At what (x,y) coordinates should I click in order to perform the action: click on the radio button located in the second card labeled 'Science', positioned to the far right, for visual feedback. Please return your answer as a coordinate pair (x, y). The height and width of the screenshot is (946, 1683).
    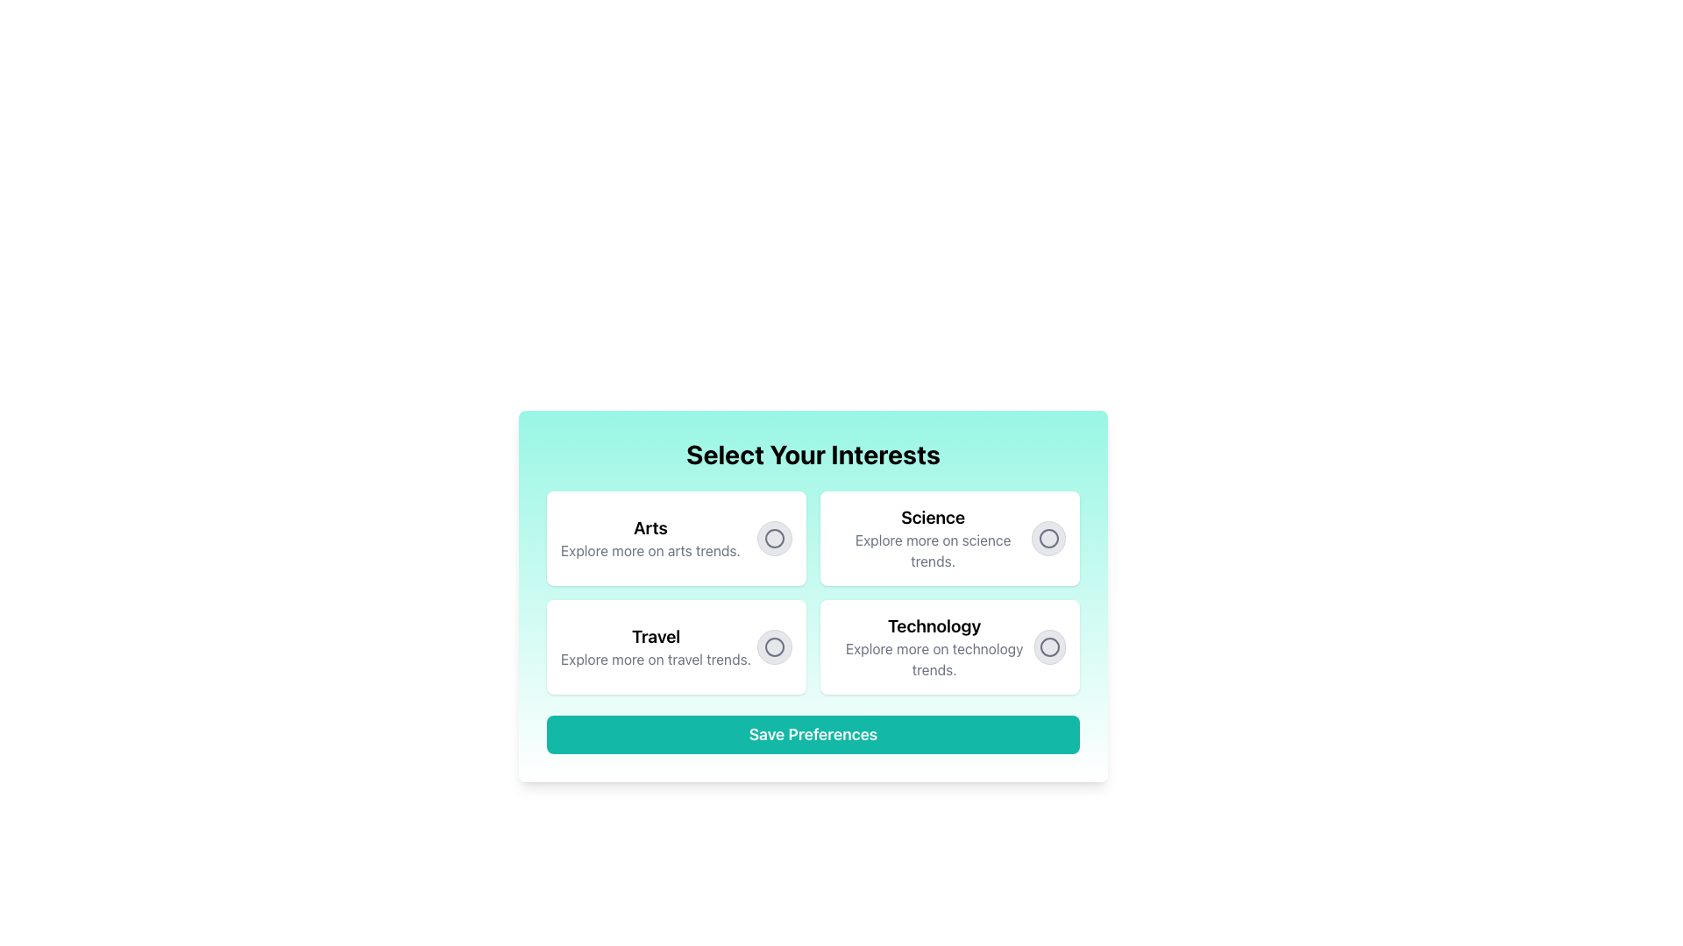
    Looking at the image, I should click on (1048, 537).